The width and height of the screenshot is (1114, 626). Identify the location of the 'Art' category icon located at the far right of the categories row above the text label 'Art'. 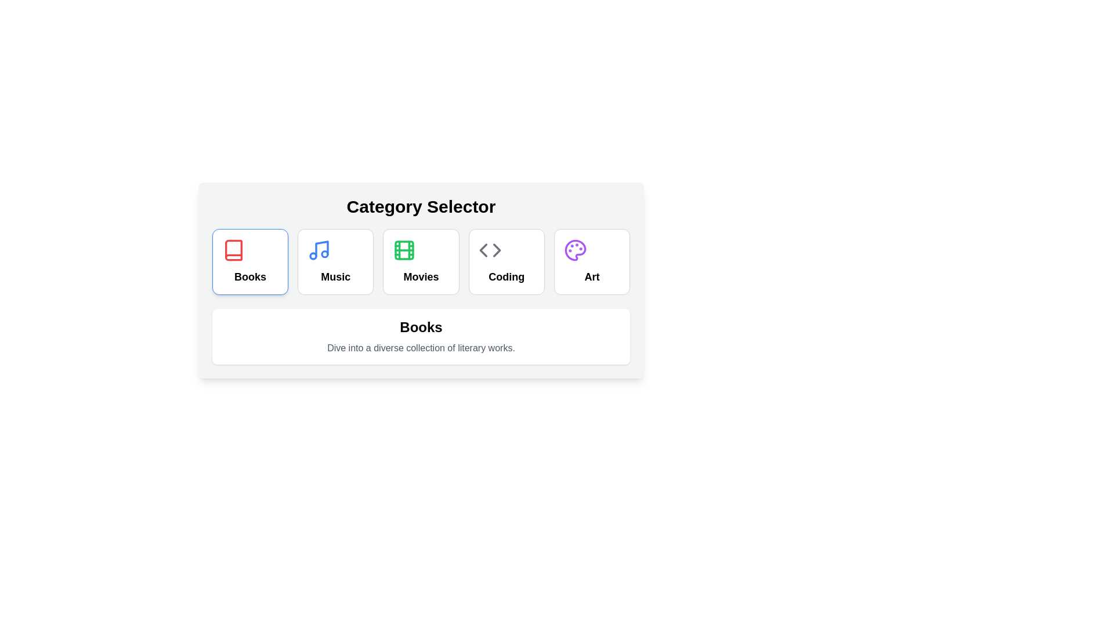
(575, 250).